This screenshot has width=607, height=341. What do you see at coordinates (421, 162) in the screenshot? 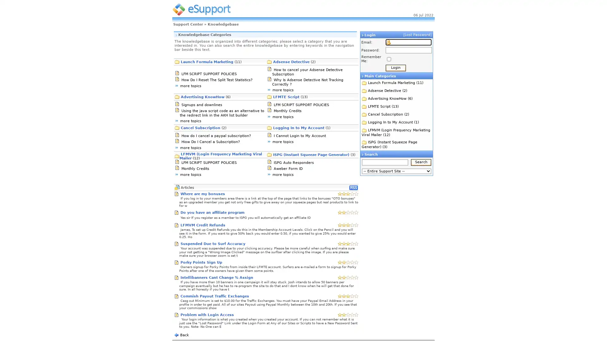
I see `Search` at bounding box center [421, 162].